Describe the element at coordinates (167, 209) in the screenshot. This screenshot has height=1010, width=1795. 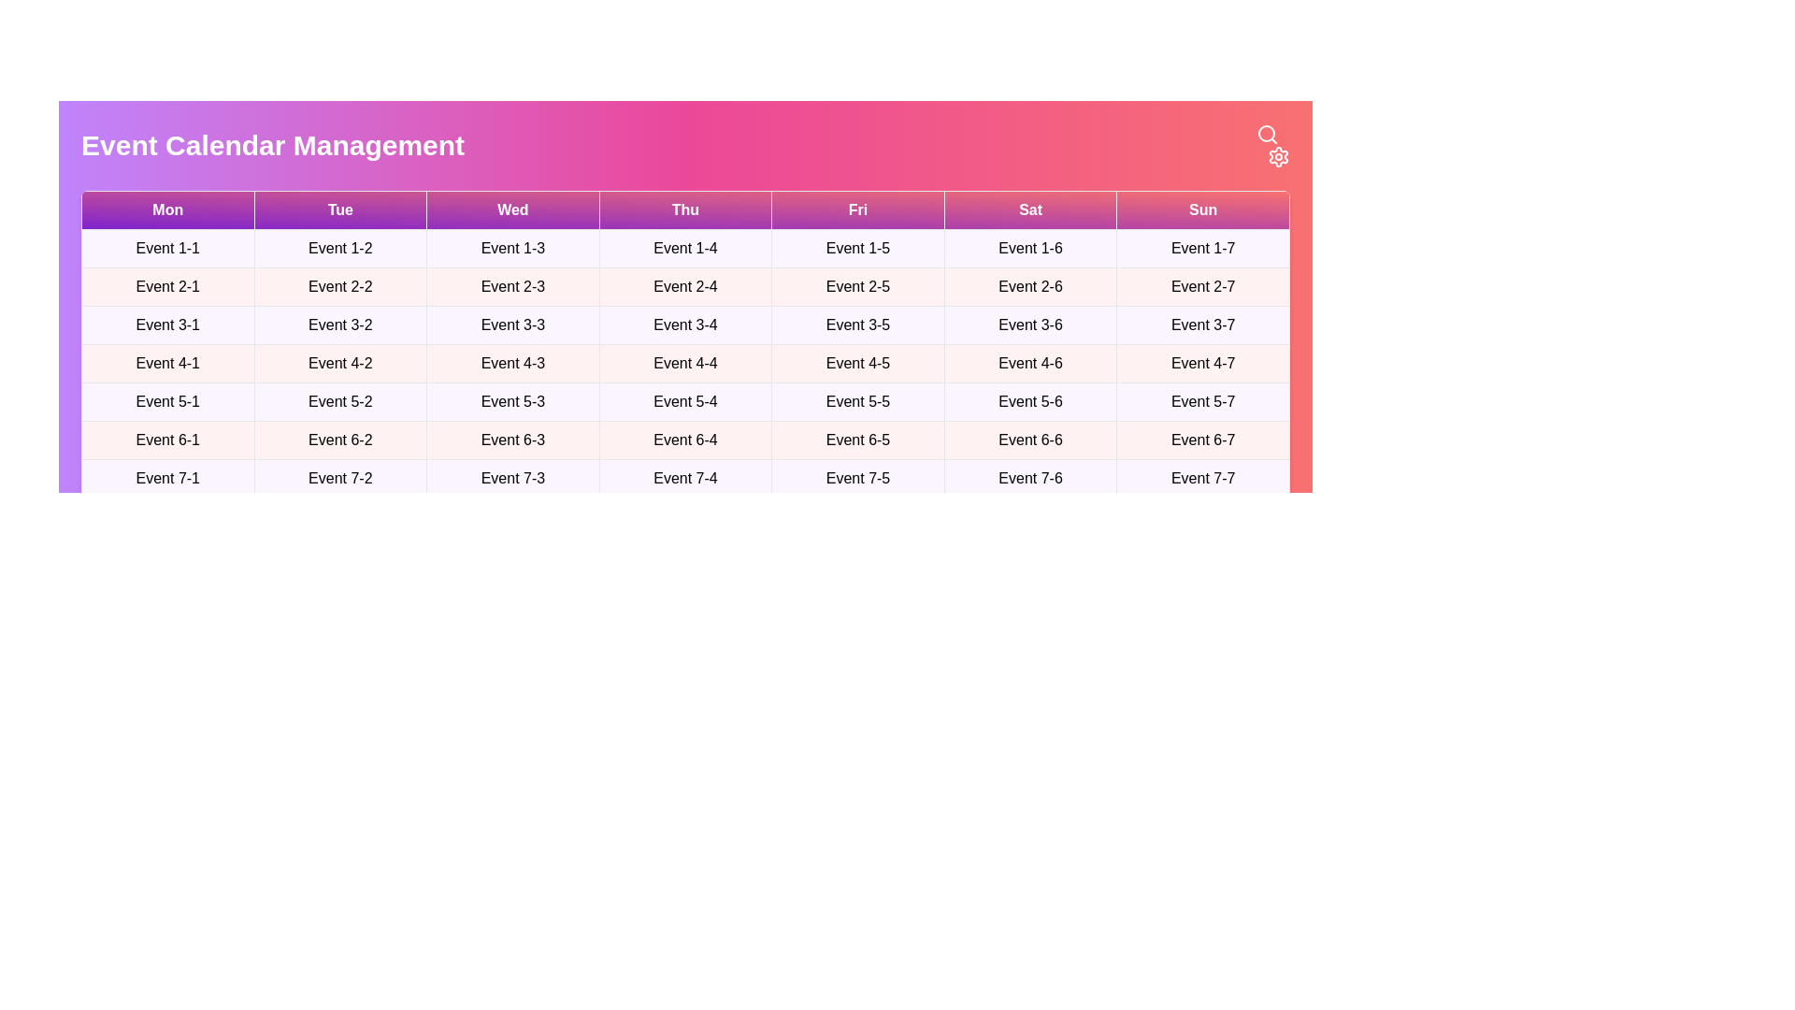
I see `the table header corresponding to Mon` at that location.